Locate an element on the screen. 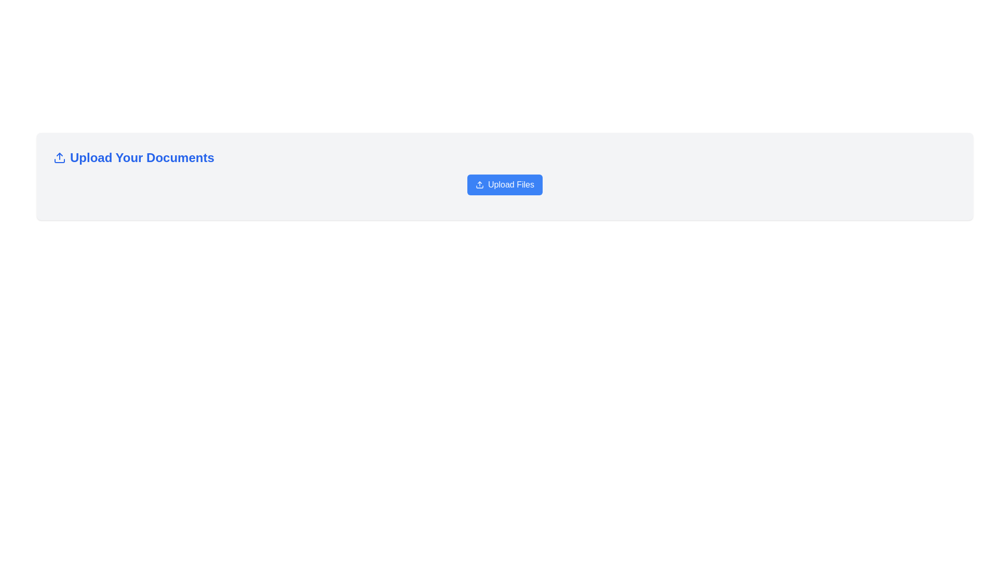  the SVG icon indicating the upload functionality within the blue 'Upload Files' button is located at coordinates (479, 184).